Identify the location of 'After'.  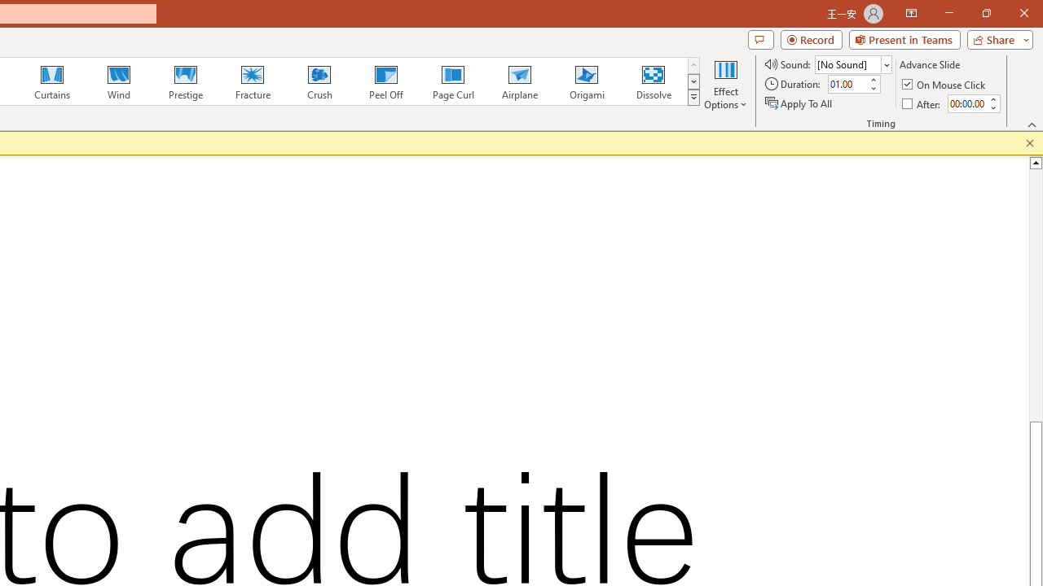
(922, 103).